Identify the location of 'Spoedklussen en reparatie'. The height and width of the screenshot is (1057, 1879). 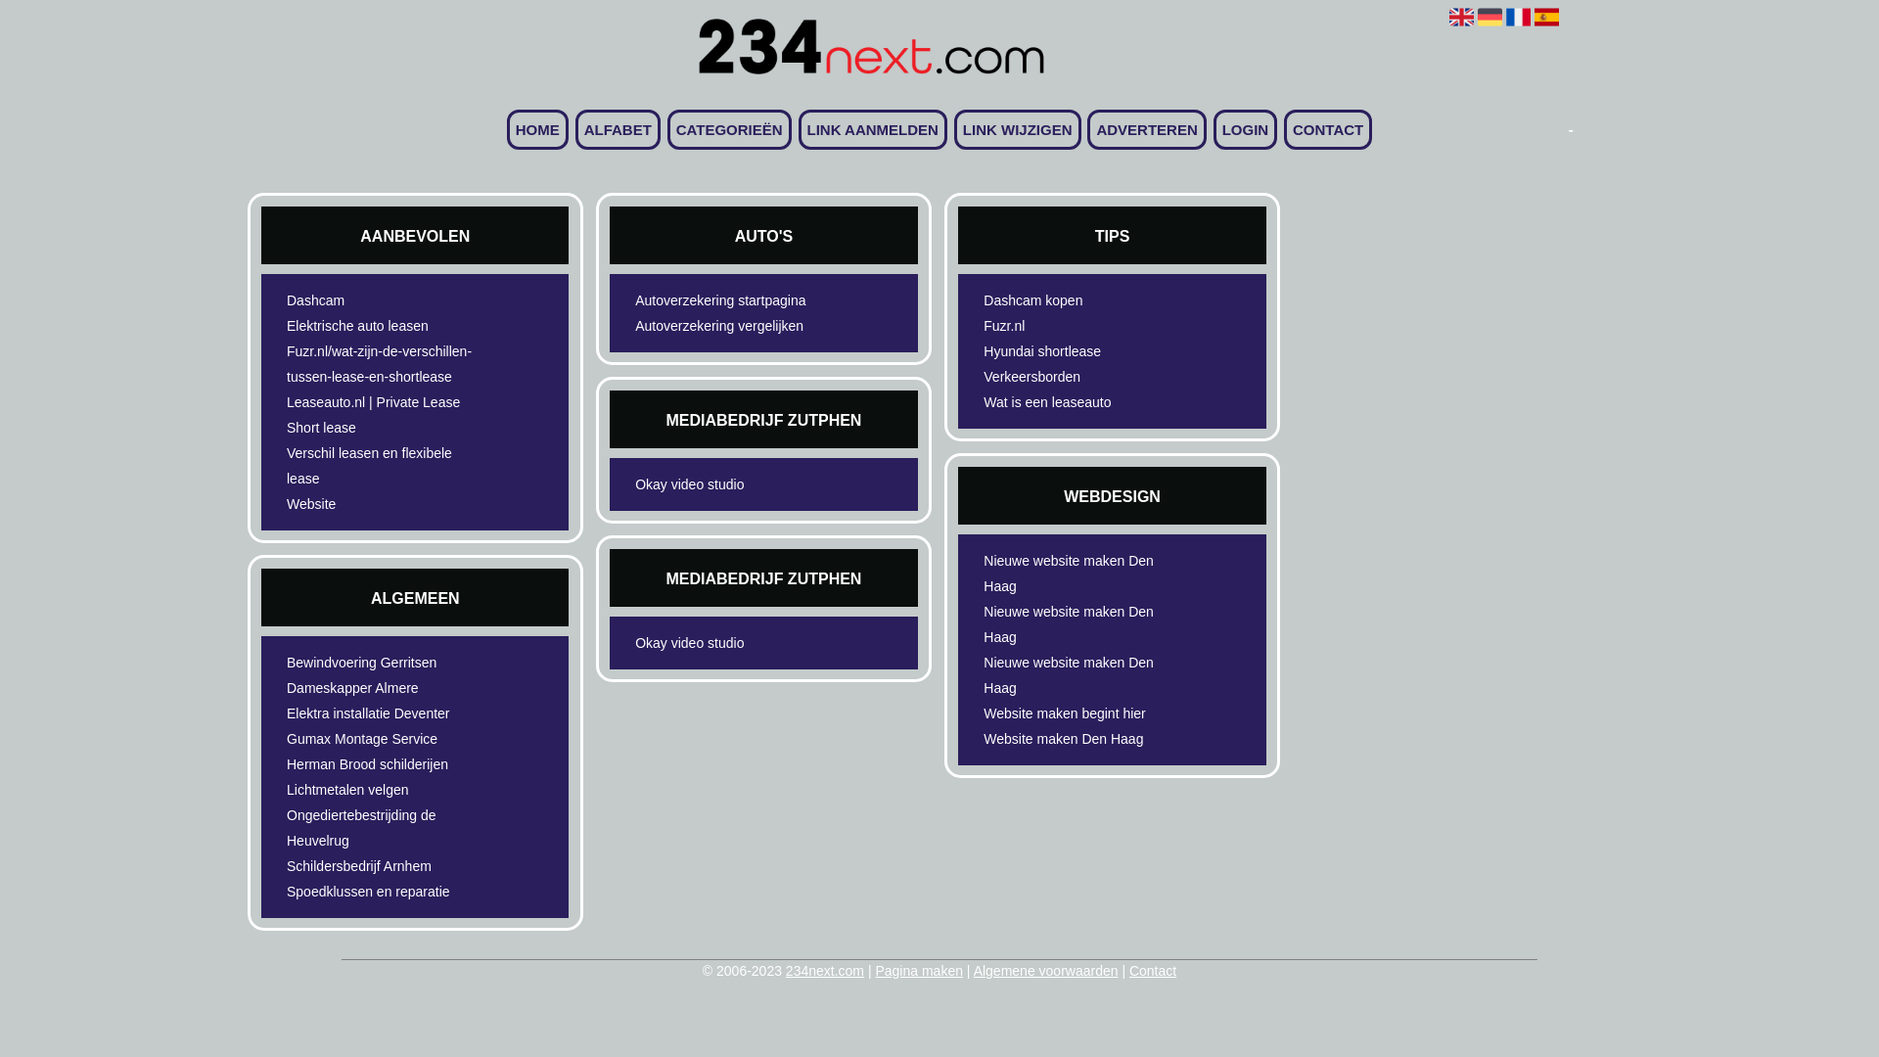
(381, 891).